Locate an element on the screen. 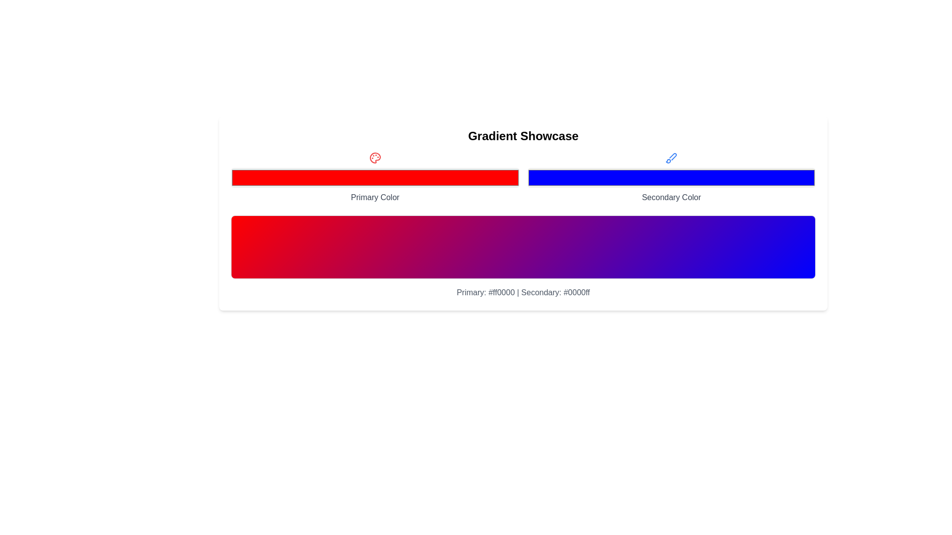  the largest icon in the top-left quadrant of the interface, which symbolizes a color palette and is positioned above the 'Primary Color' label is located at coordinates (374, 158).